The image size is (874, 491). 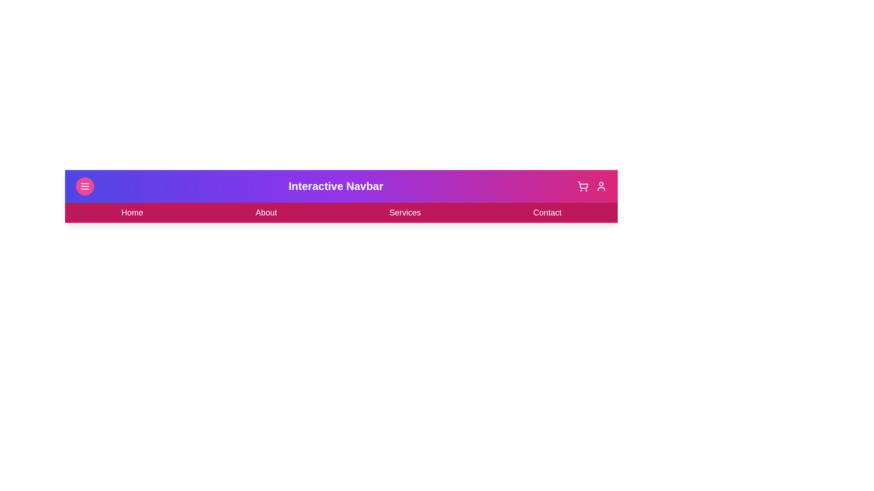 I want to click on the gradient header background to inspect it, so click(x=340, y=196).